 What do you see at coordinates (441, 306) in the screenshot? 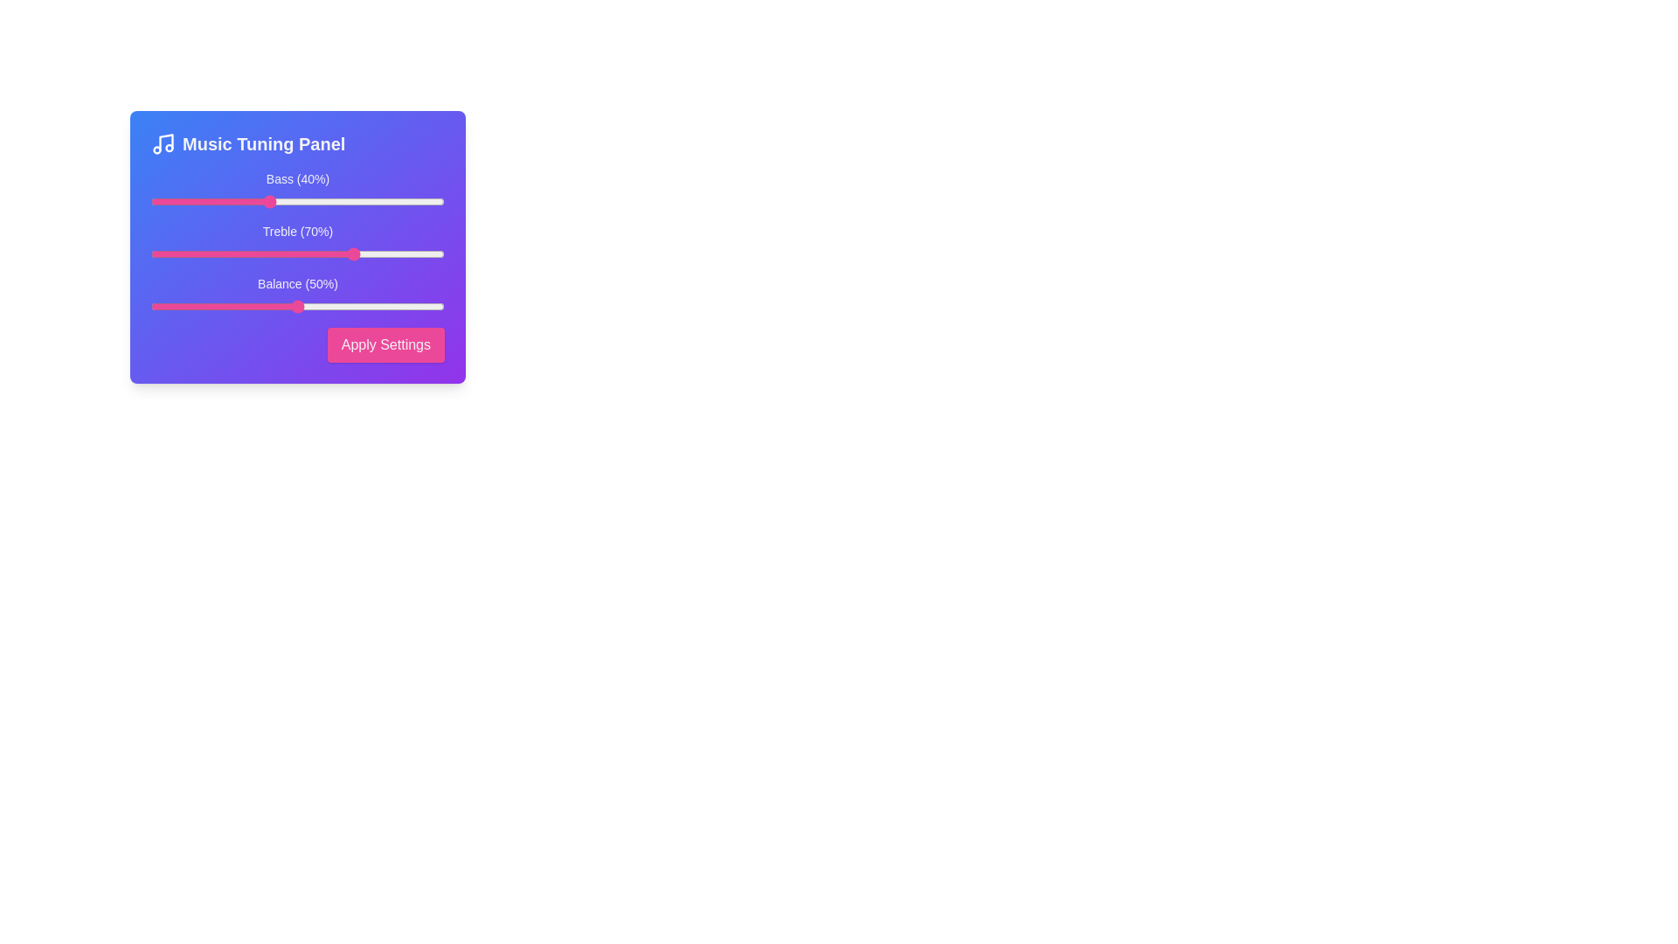
I see `the balance slider to 99%` at bounding box center [441, 306].